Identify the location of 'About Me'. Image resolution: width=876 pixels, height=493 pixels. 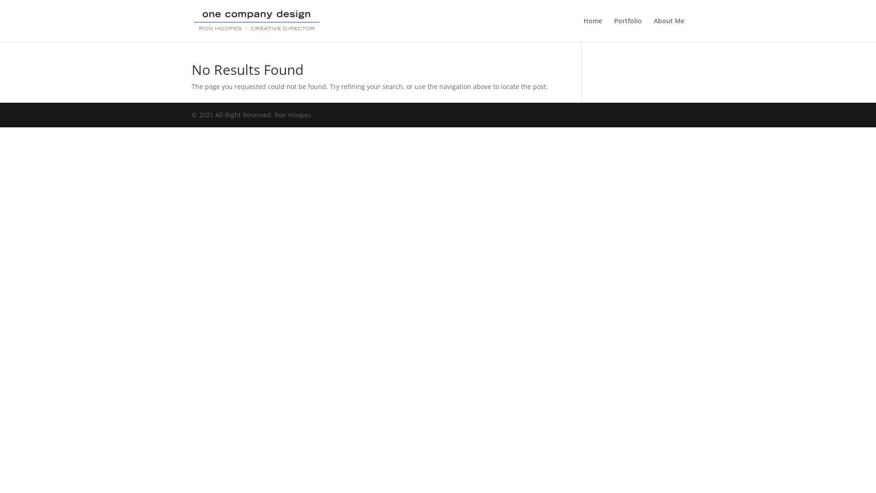
(669, 29).